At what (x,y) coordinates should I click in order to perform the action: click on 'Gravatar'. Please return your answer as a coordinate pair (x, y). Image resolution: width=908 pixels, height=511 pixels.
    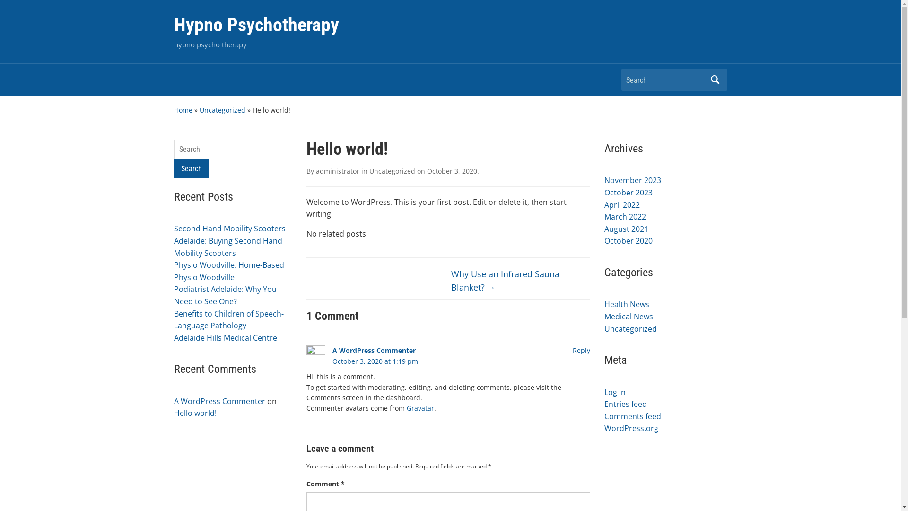
    Looking at the image, I should click on (419, 407).